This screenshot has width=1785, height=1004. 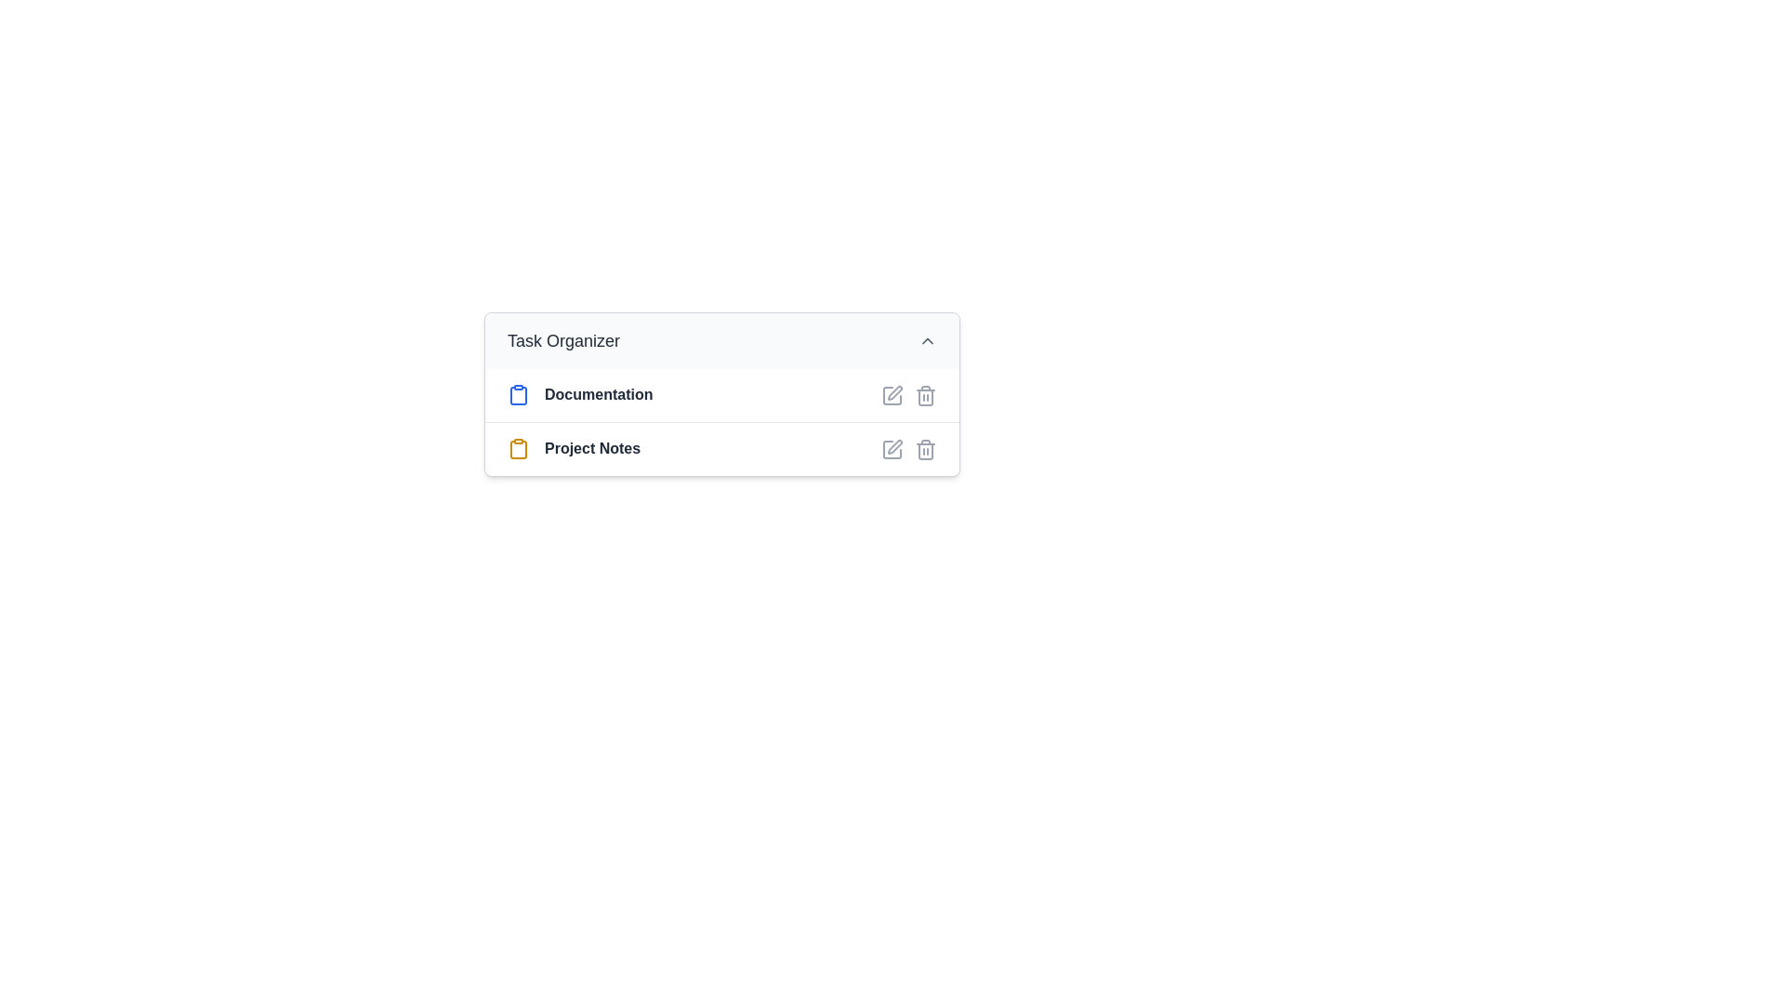 What do you see at coordinates (892, 393) in the screenshot?
I see `the editing control icon button for the 'Documentation' task located in the rightmost part of the row labeled 'Documentation' in the 'Task Organizer' section` at bounding box center [892, 393].